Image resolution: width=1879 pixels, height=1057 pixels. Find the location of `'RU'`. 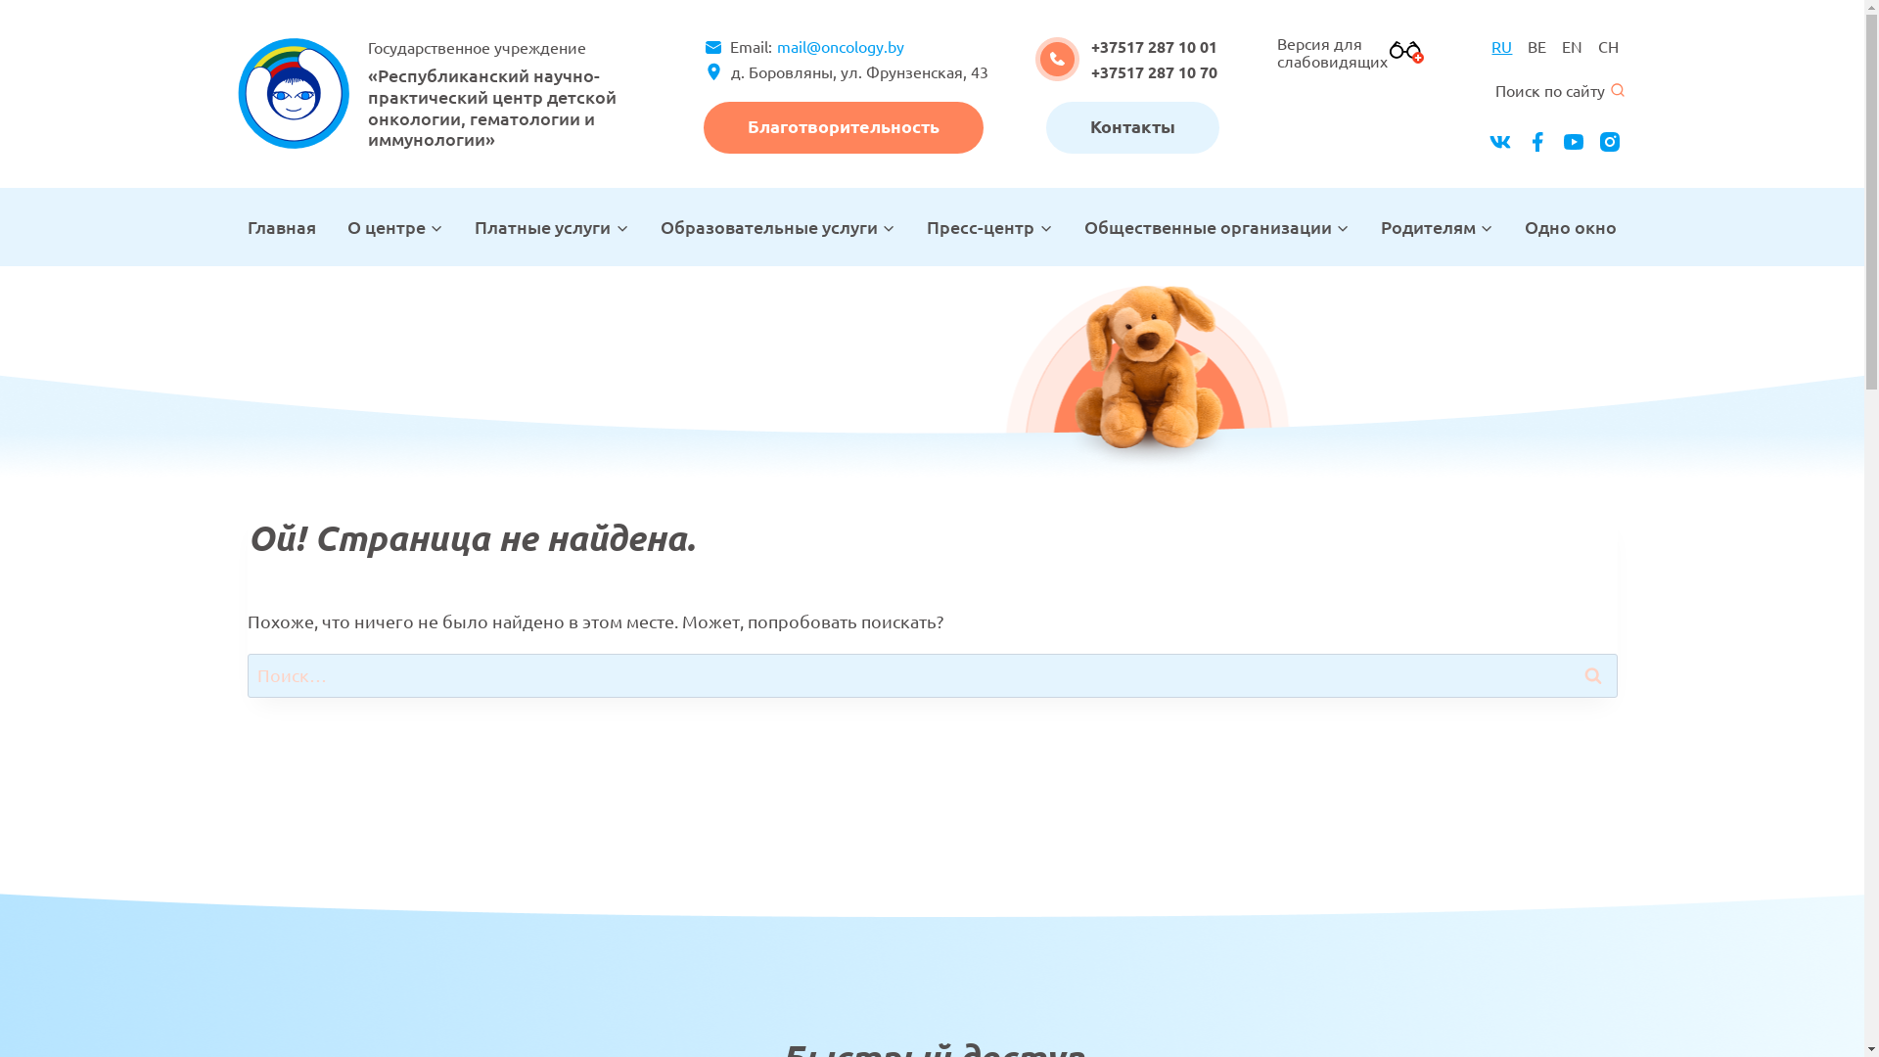

'RU' is located at coordinates (1500, 45).